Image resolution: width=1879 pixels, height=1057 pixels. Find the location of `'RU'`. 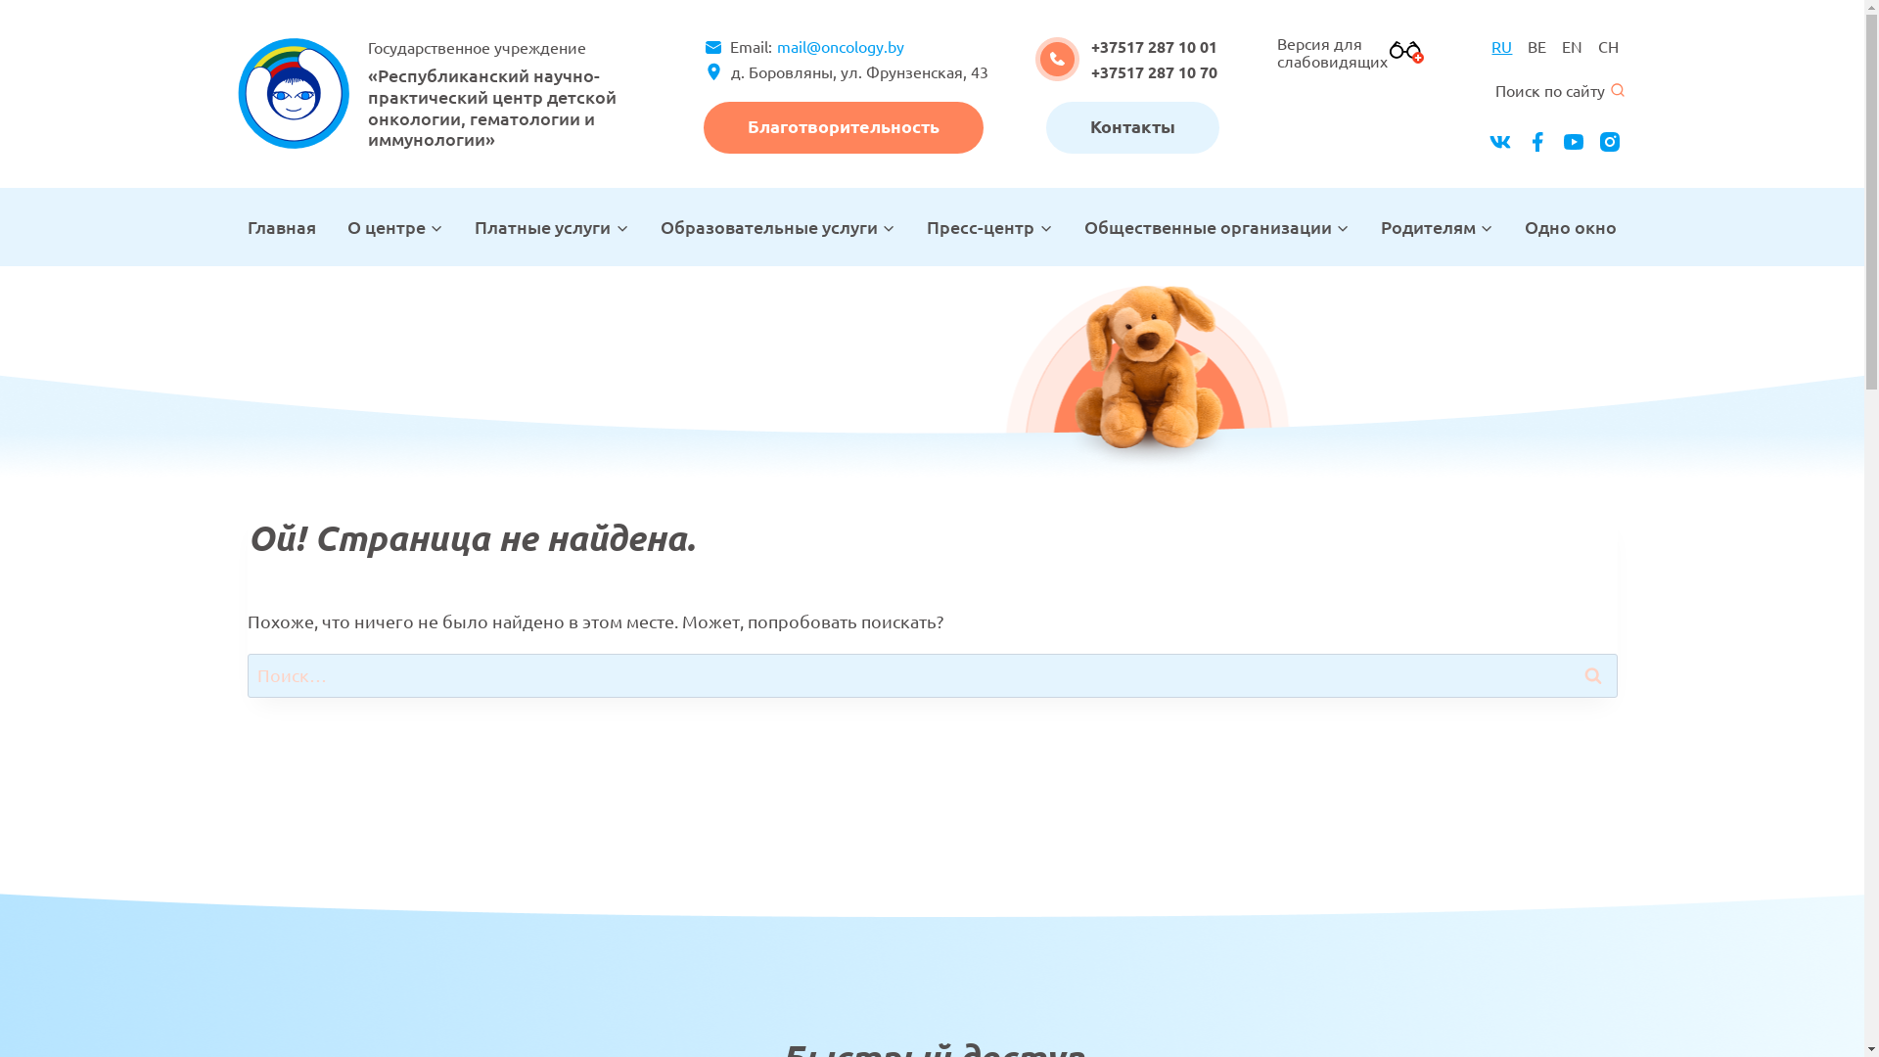

'RU' is located at coordinates (1500, 45).